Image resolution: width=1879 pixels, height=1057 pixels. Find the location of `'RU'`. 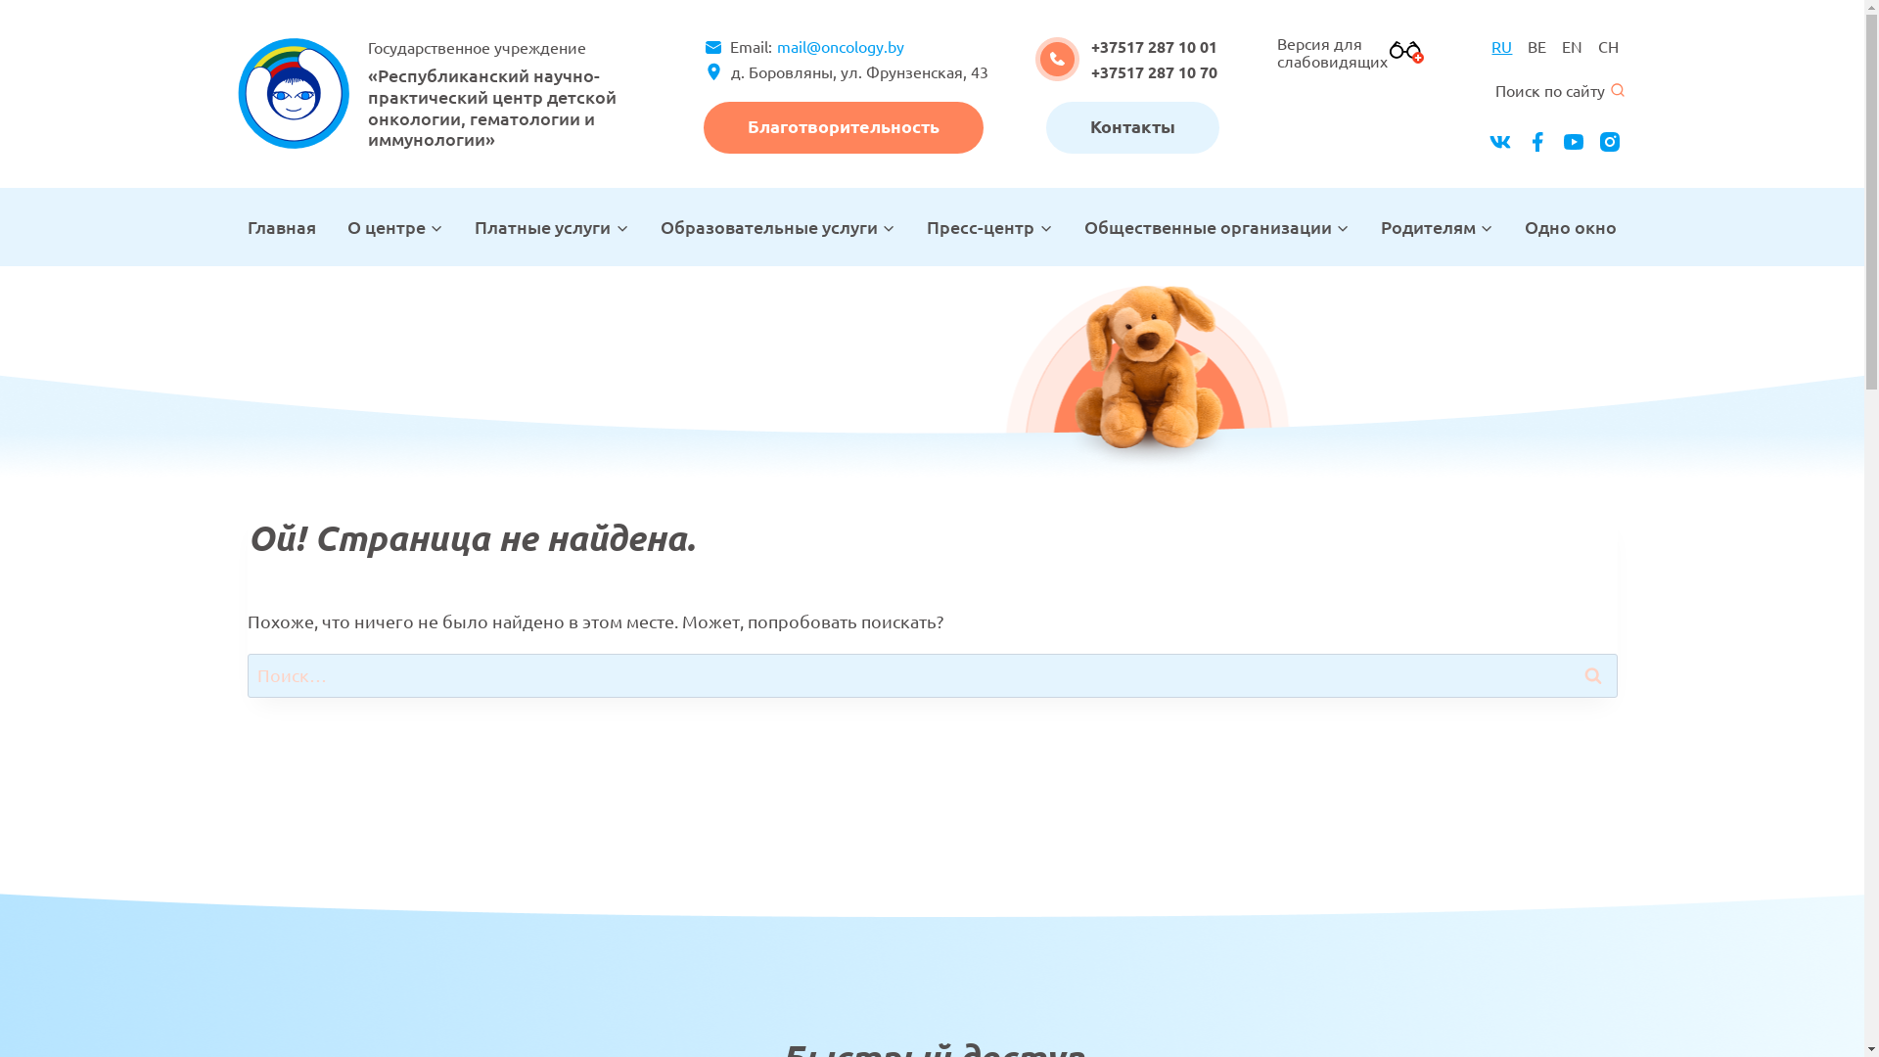

'RU' is located at coordinates (1500, 45).